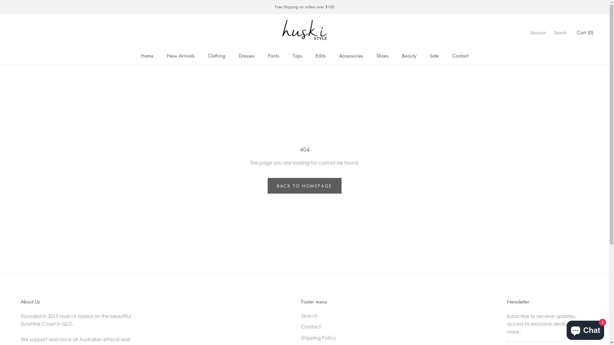 The height and width of the screenshot is (345, 614). I want to click on 'Edits', so click(320, 55).